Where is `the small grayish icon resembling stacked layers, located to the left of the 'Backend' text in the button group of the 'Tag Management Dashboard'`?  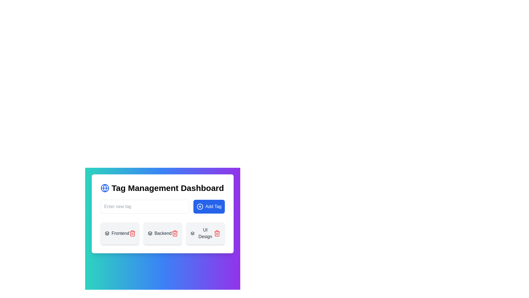
the small grayish icon resembling stacked layers, located to the left of the 'Backend' text in the button group of the 'Tag Management Dashboard' is located at coordinates (150, 233).